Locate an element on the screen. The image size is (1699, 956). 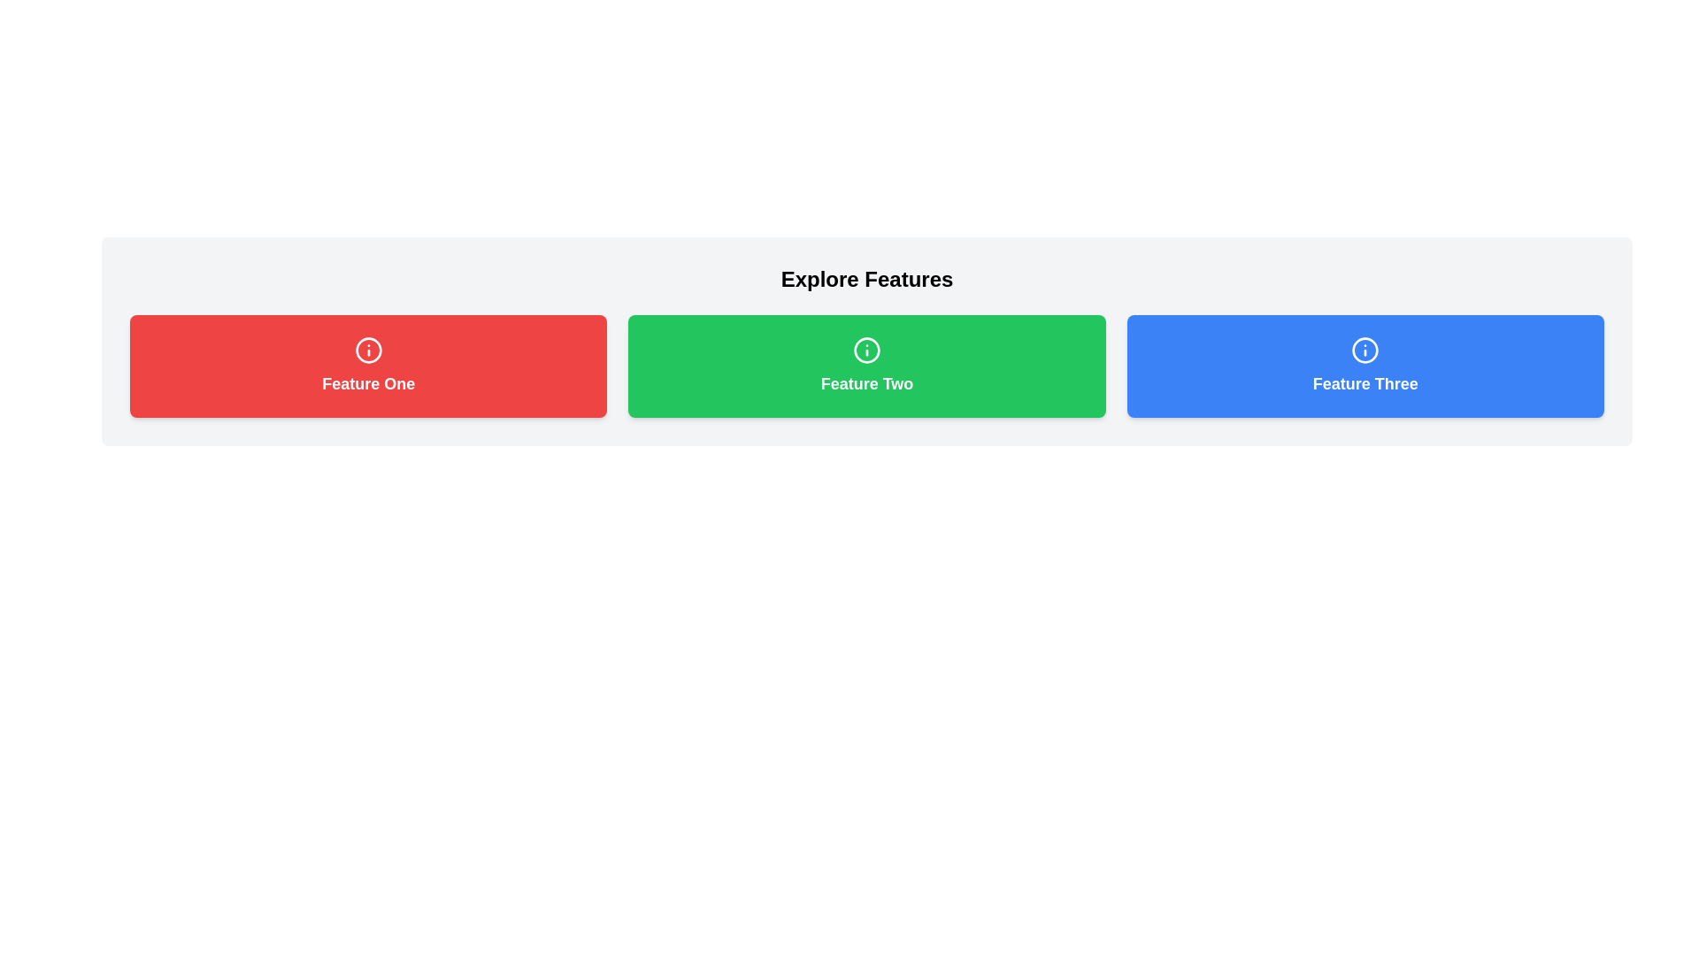
the circular icon with a white outline and an exclamation mark, located above the text 'Feature Three' in the blue card on the right-most side is located at coordinates (1365, 351).